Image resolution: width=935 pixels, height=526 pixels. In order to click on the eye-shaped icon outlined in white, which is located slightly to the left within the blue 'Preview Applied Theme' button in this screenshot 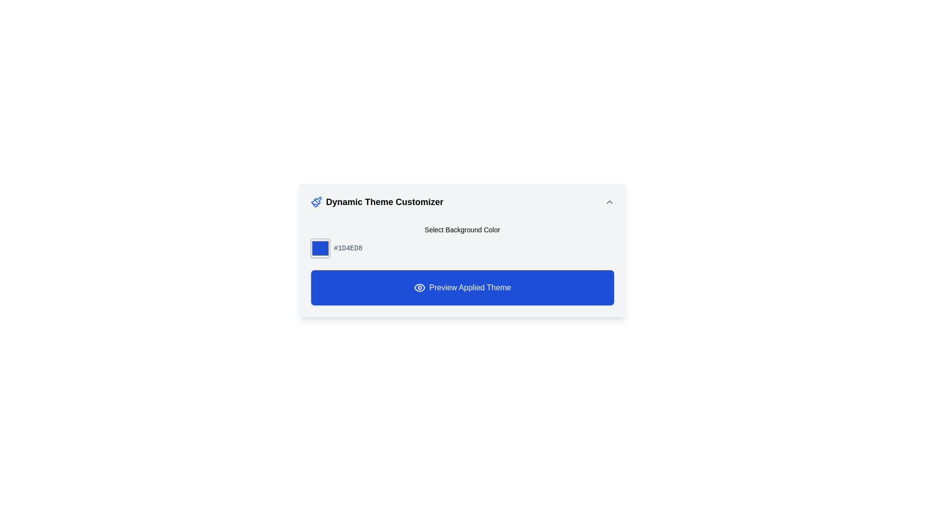, I will do `click(419, 287)`.